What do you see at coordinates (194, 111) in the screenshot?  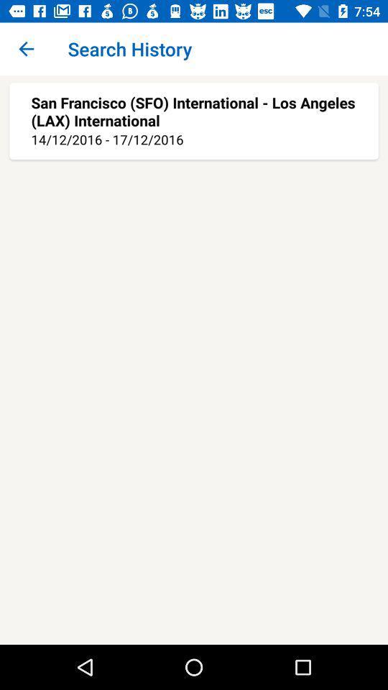 I see `san francisco sfo` at bounding box center [194, 111].